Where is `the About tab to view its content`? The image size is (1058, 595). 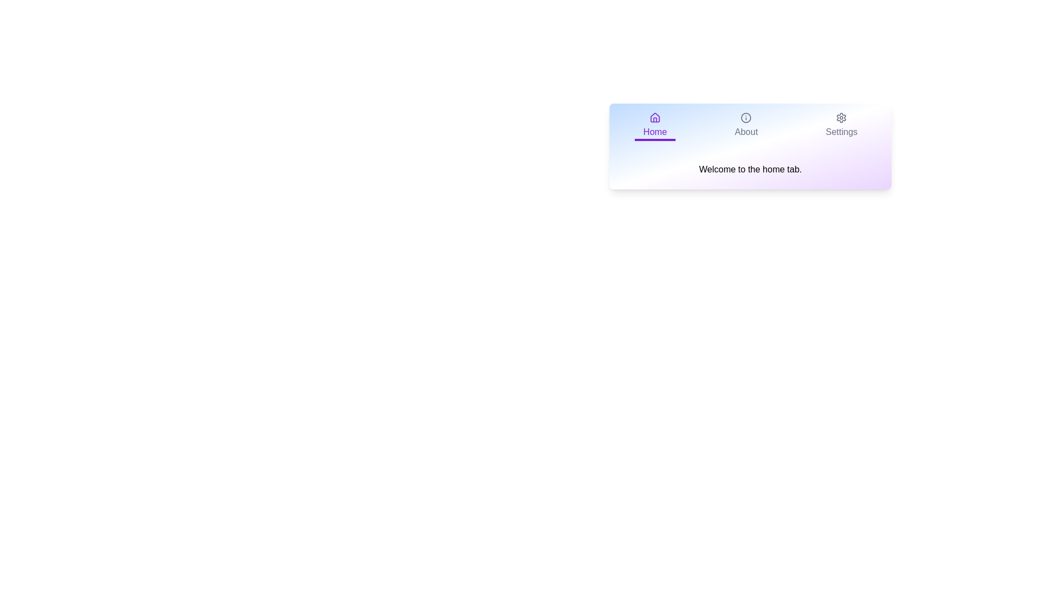 the About tab to view its content is located at coordinates (746, 126).